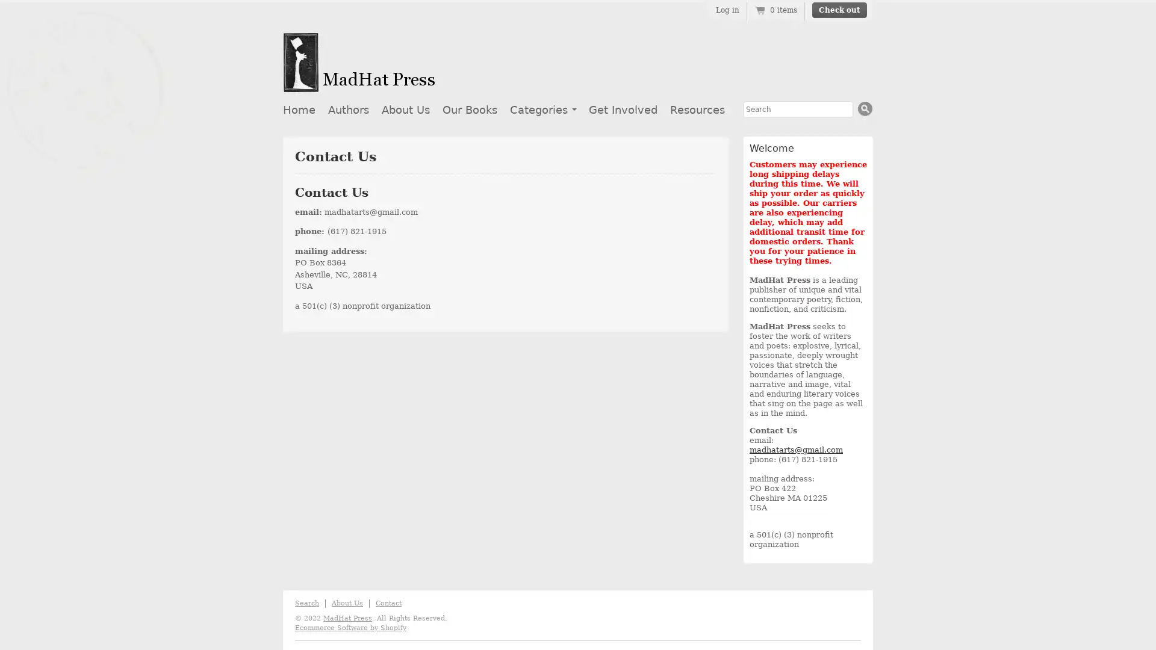 Image resolution: width=1156 pixels, height=650 pixels. I want to click on Search, so click(865, 108).